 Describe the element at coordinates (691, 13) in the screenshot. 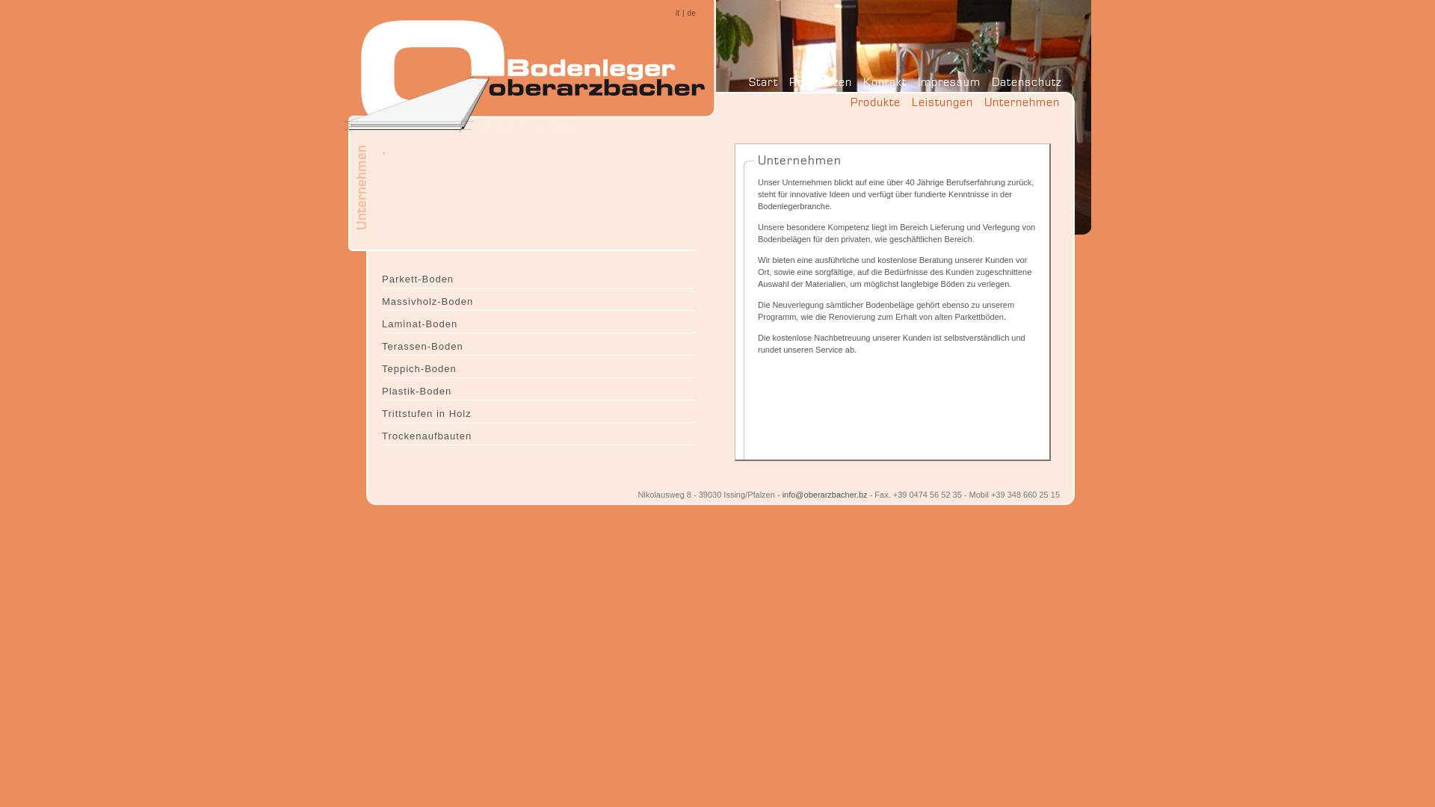

I see `'de'` at that location.